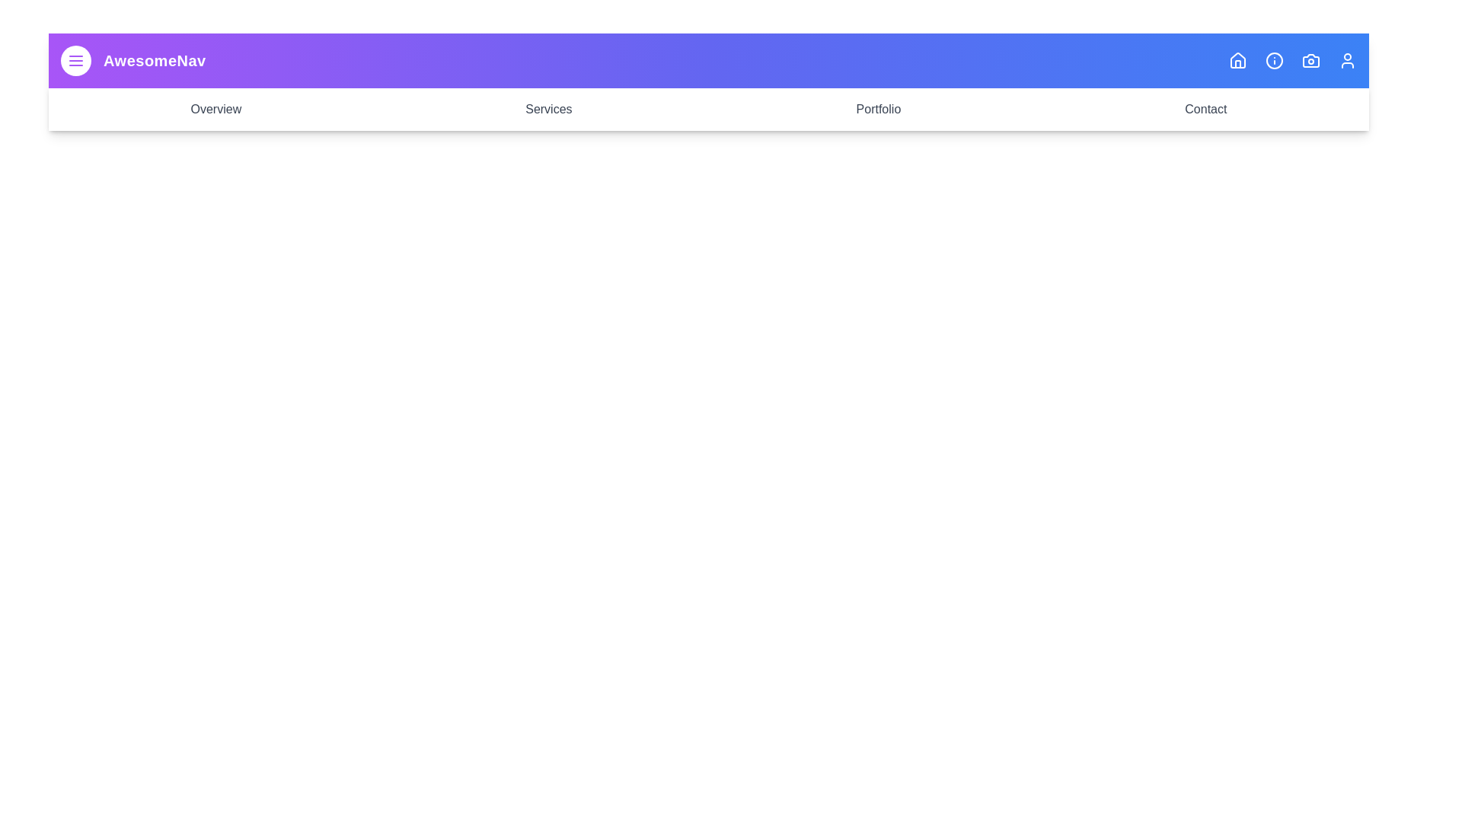  What do you see at coordinates (1348, 60) in the screenshot?
I see `the User icon in the app bar` at bounding box center [1348, 60].